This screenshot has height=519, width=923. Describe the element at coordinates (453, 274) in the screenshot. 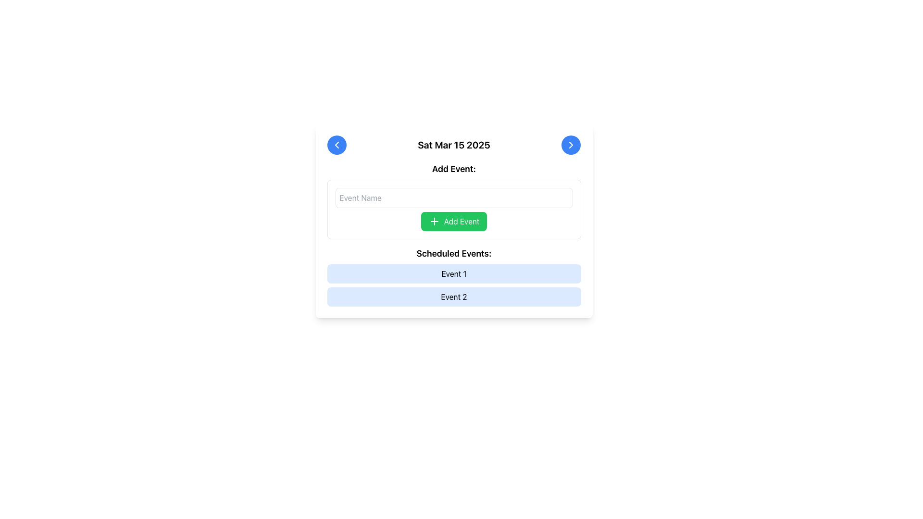

I see `the static text display representing the first scheduled event, which is located below the 'Scheduled Events:' label and above 'Event 2'` at that location.